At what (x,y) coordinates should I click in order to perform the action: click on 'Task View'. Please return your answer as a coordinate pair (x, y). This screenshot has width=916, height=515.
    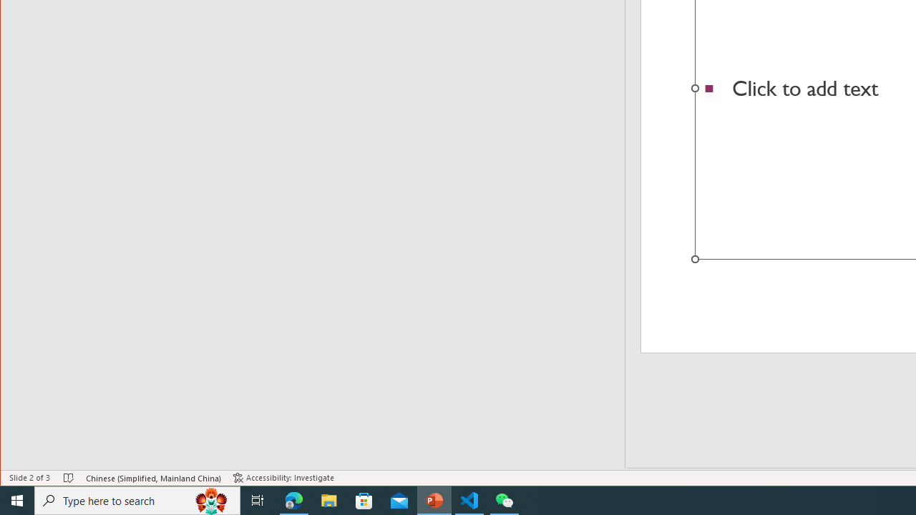
    Looking at the image, I should click on (257, 499).